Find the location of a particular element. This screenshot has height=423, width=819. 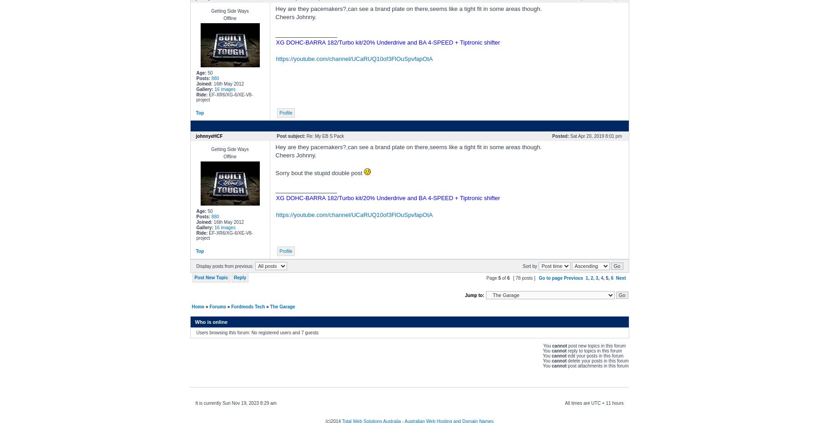

'of' is located at coordinates (504, 278).